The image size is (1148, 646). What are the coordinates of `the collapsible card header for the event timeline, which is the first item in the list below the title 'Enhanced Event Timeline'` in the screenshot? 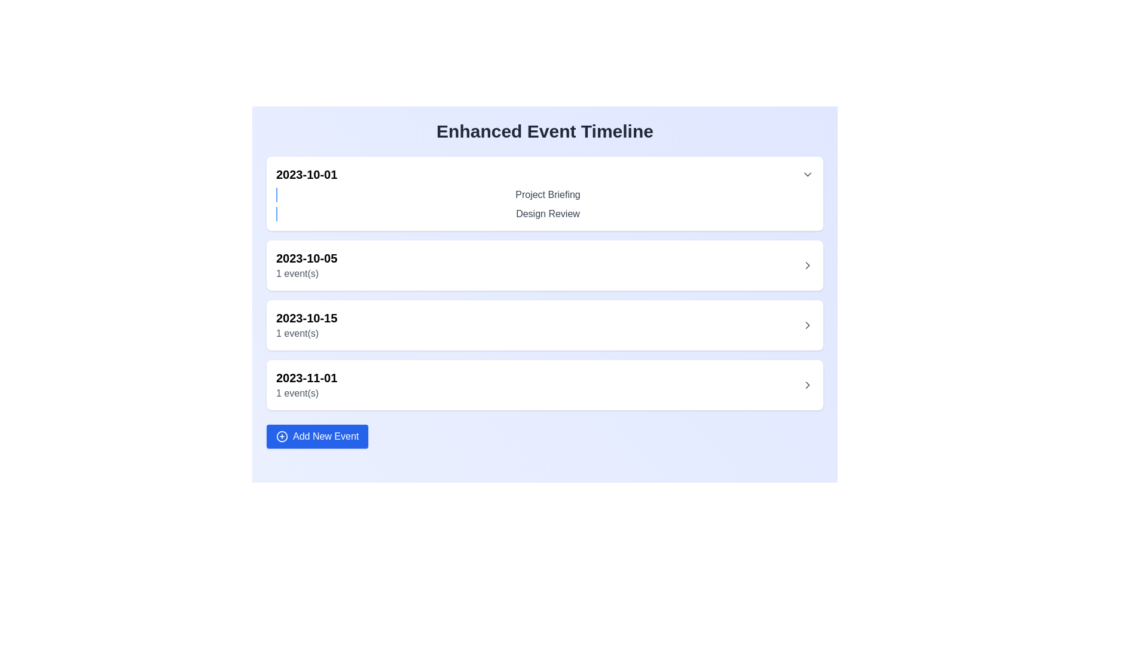 It's located at (544, 193).